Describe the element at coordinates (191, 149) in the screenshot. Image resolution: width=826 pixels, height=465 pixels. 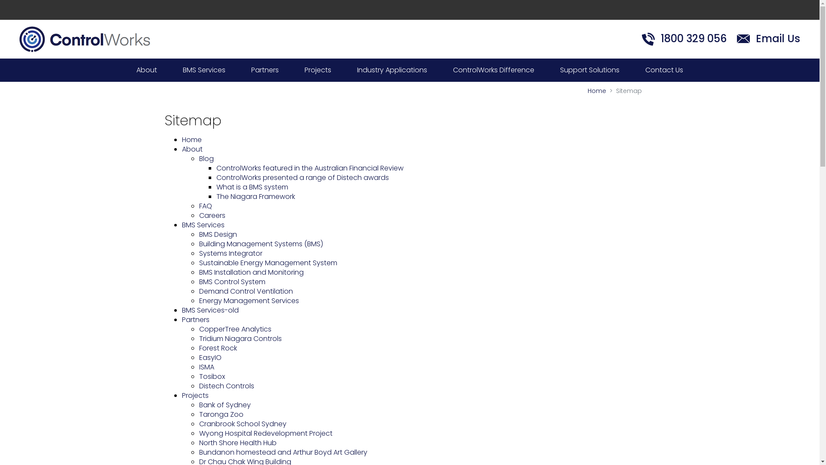
I see `'About'` at that location.